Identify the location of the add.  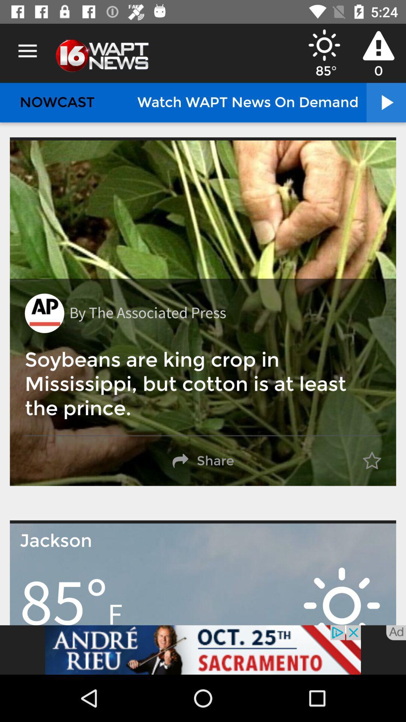
(203, 649).